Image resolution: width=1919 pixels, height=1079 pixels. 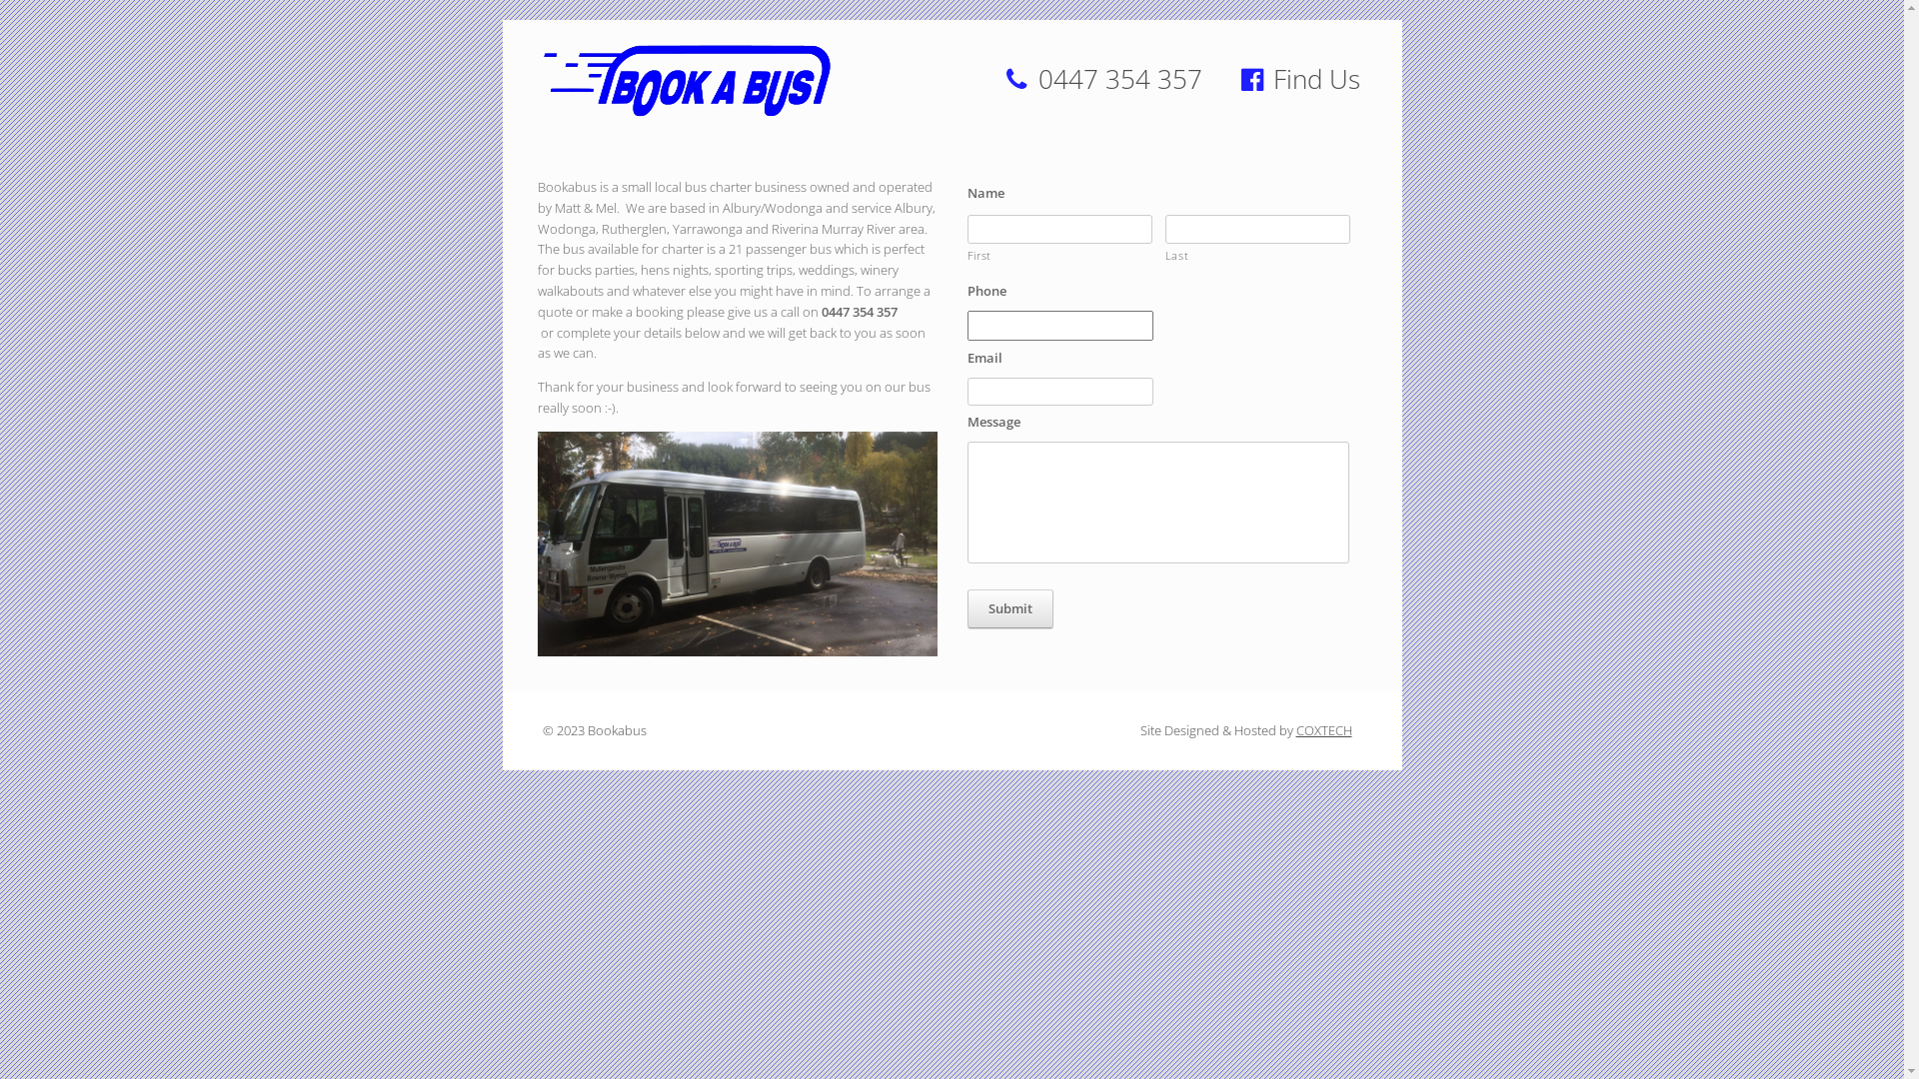 I want to click on 'Submit', so click(x=1010, y=607).